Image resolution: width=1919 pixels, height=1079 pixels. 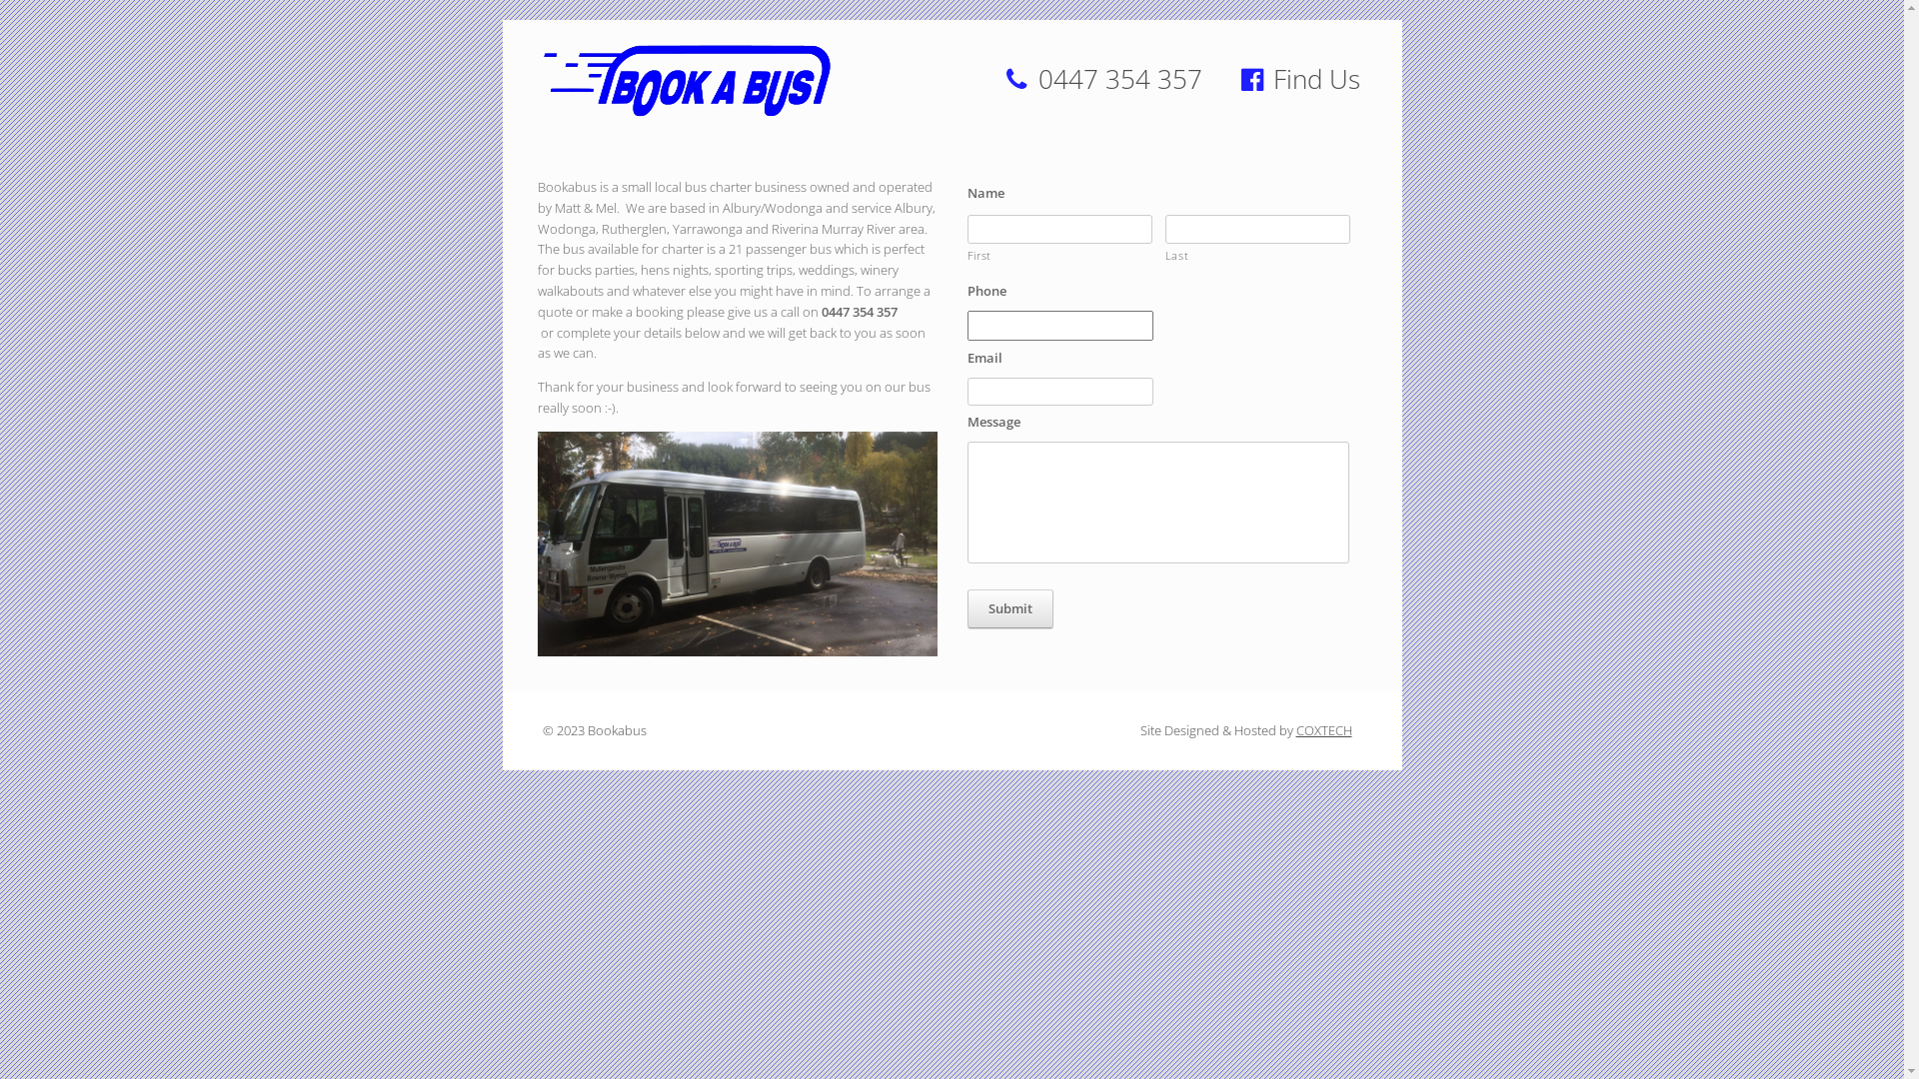 I want to click on 'Submit', so click(x=1010, y=607).